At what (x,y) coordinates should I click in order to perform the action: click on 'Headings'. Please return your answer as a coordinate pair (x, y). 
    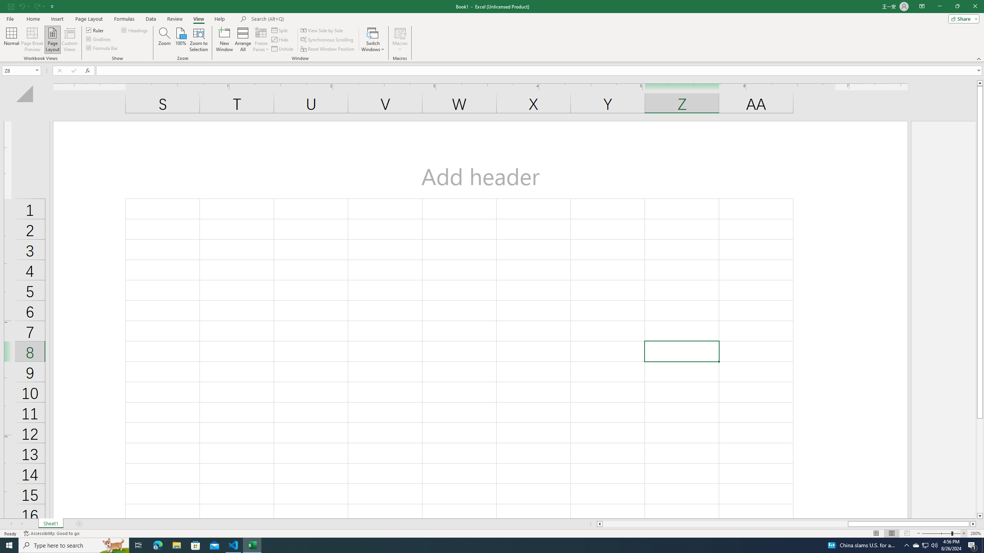
    Looking at the image, I should click on (135, 30).